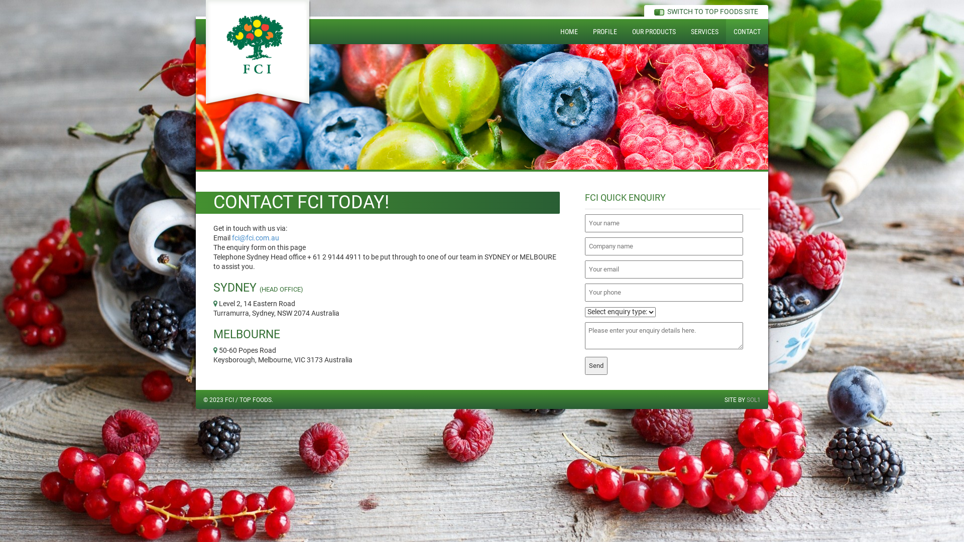 This screenshot has width=964, height=542. Describe the element at coordinates (596, 365) in the screenshot. I see `'Send'` at that location.